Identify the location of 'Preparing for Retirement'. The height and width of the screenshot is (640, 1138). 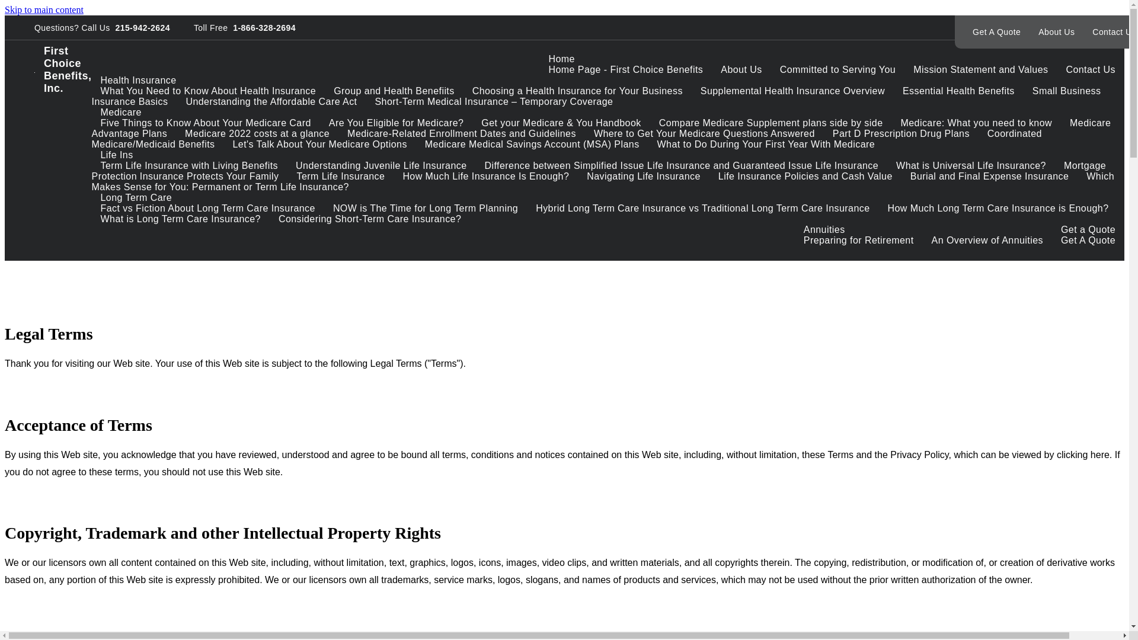
(859, 240).